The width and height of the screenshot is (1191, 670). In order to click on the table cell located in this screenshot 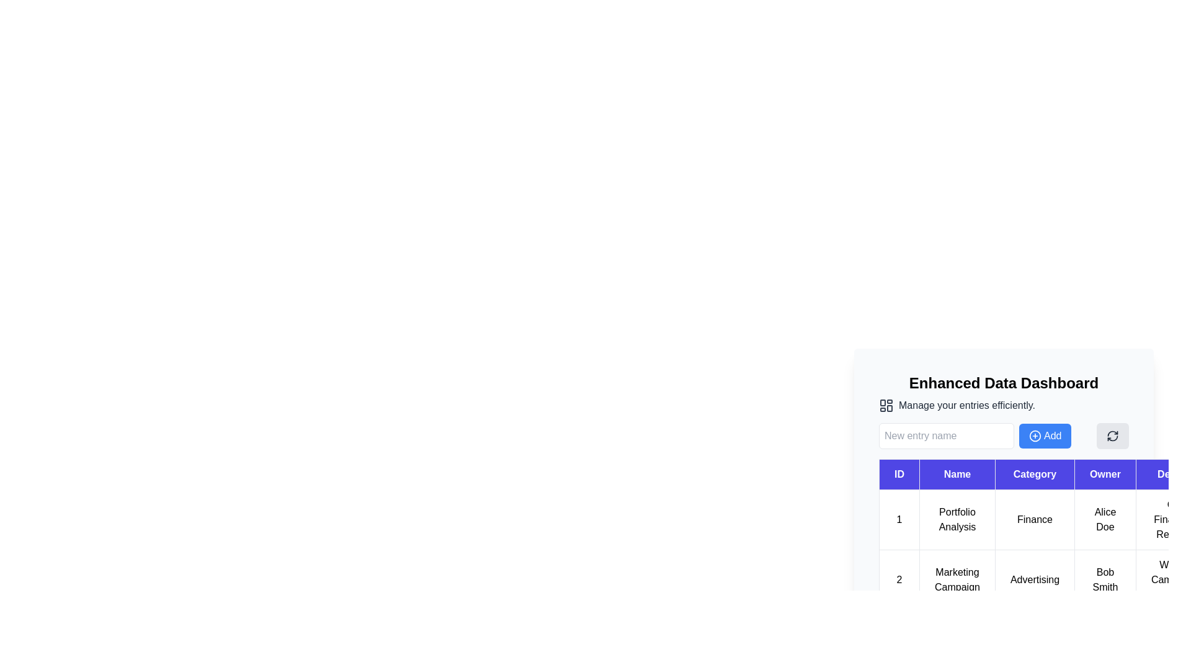, I will do `click(1004, 491)`.